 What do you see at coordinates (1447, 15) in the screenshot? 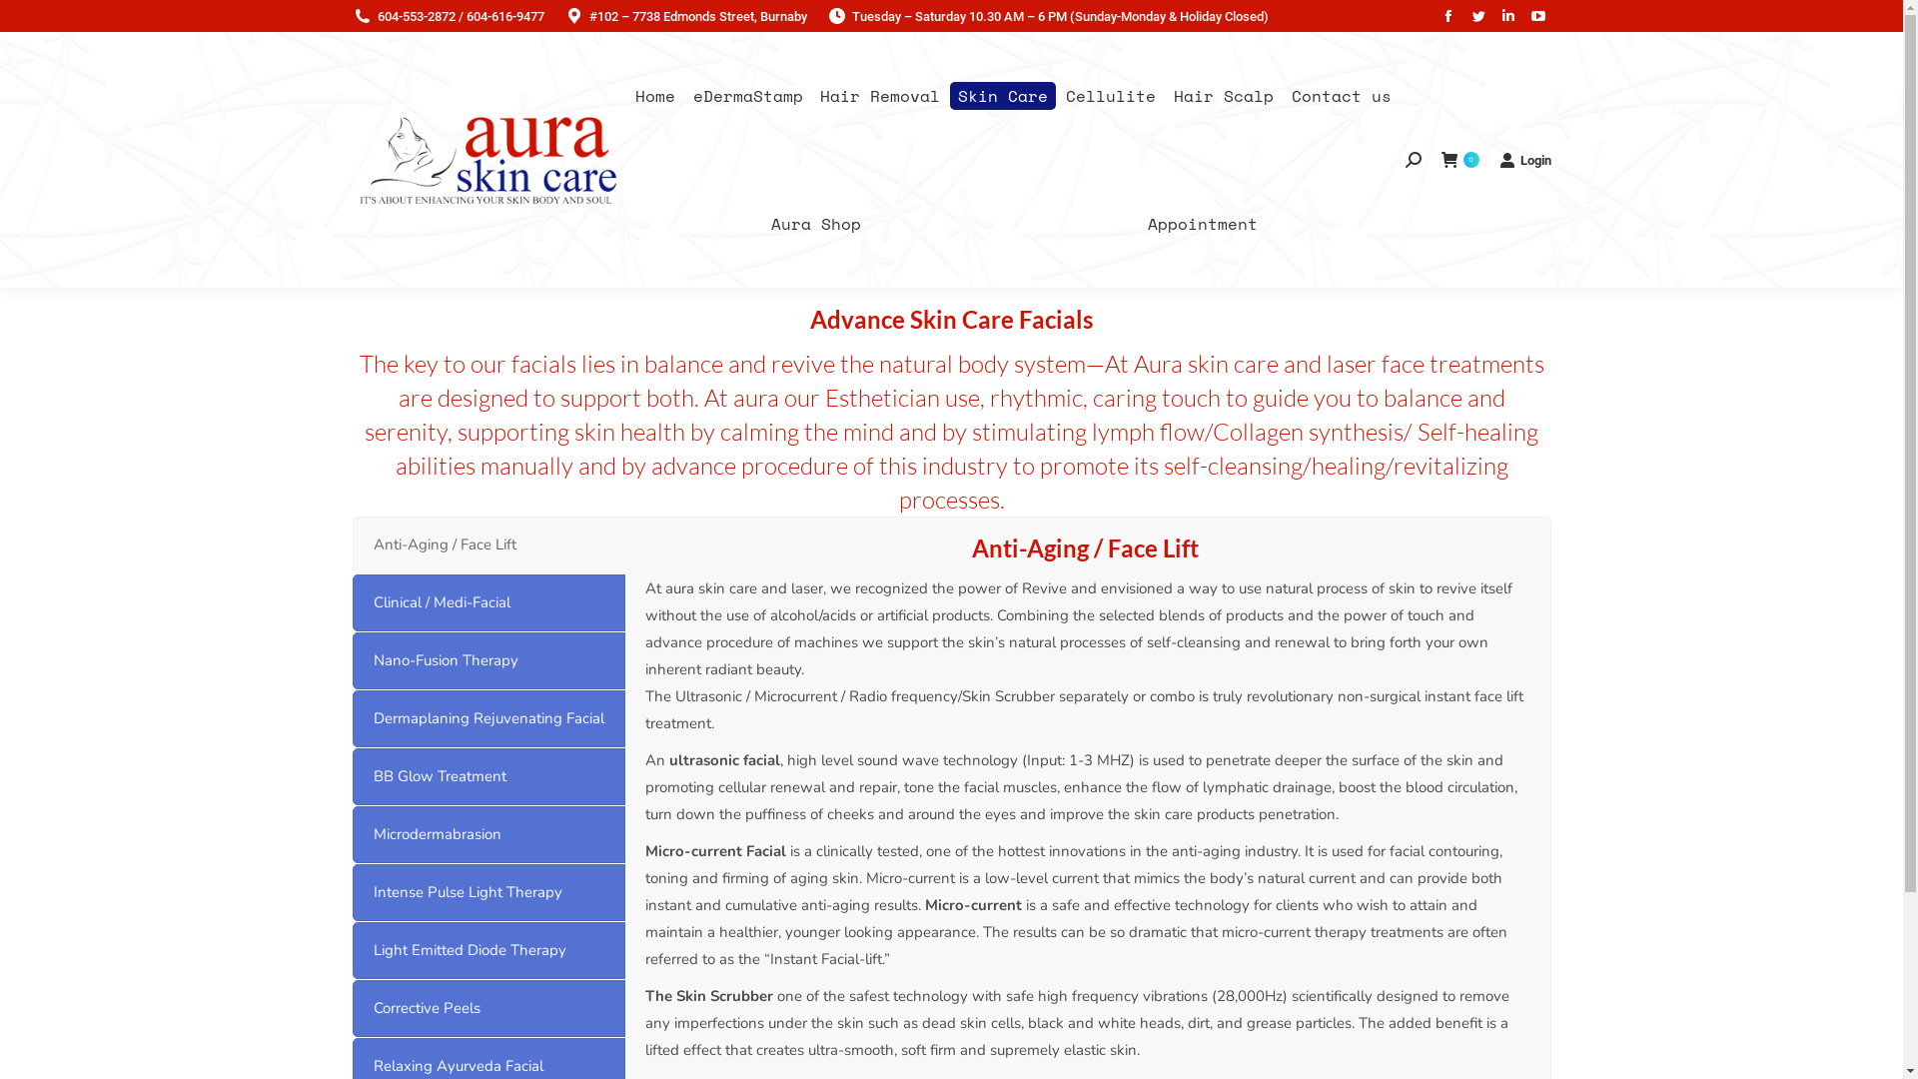
I see `'Facebook page opens in new window'` at bounding box center [1447, 15].